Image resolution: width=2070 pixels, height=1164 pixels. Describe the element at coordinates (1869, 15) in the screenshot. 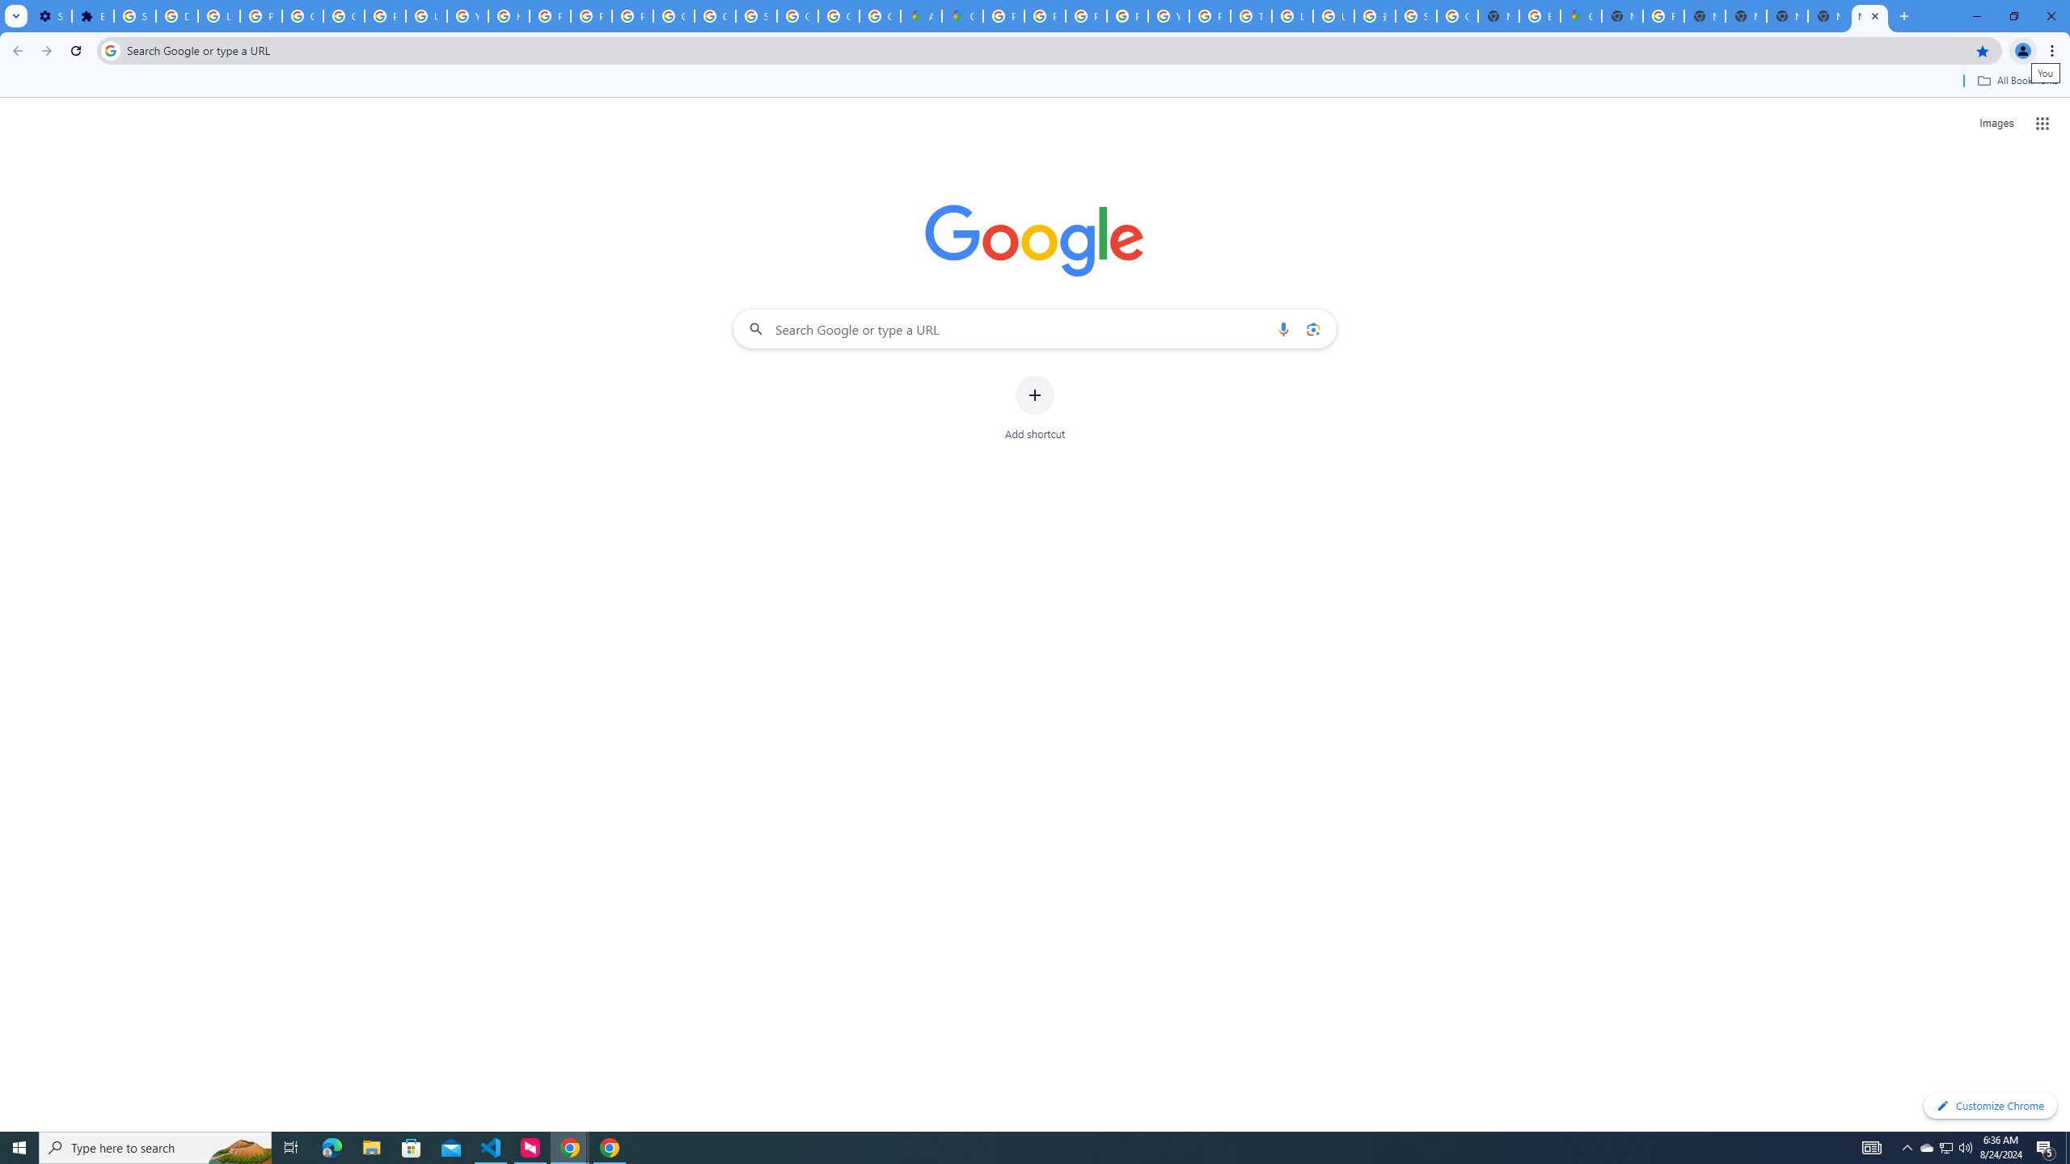

I see `'New Tab'` at that location.